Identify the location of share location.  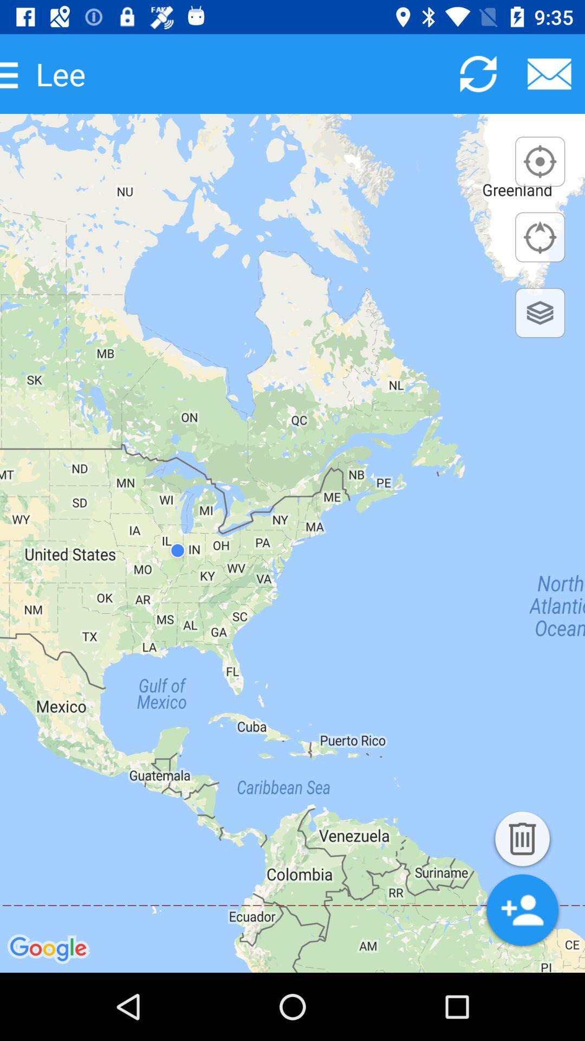
(549, 73).